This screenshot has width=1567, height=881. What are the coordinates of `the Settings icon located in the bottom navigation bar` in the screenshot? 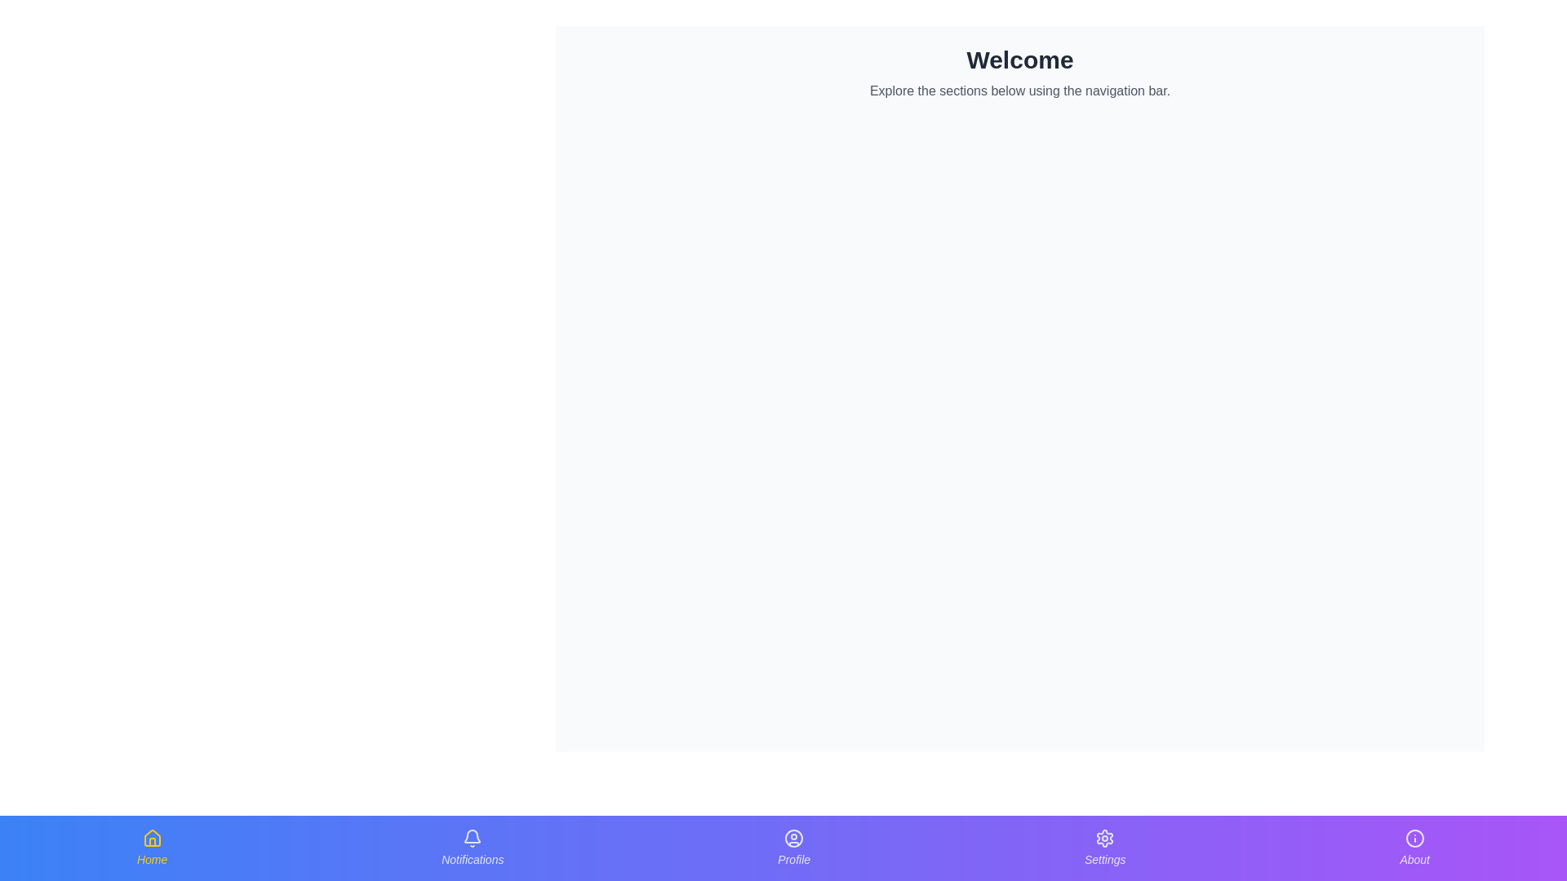 It's located at (1105, 839).